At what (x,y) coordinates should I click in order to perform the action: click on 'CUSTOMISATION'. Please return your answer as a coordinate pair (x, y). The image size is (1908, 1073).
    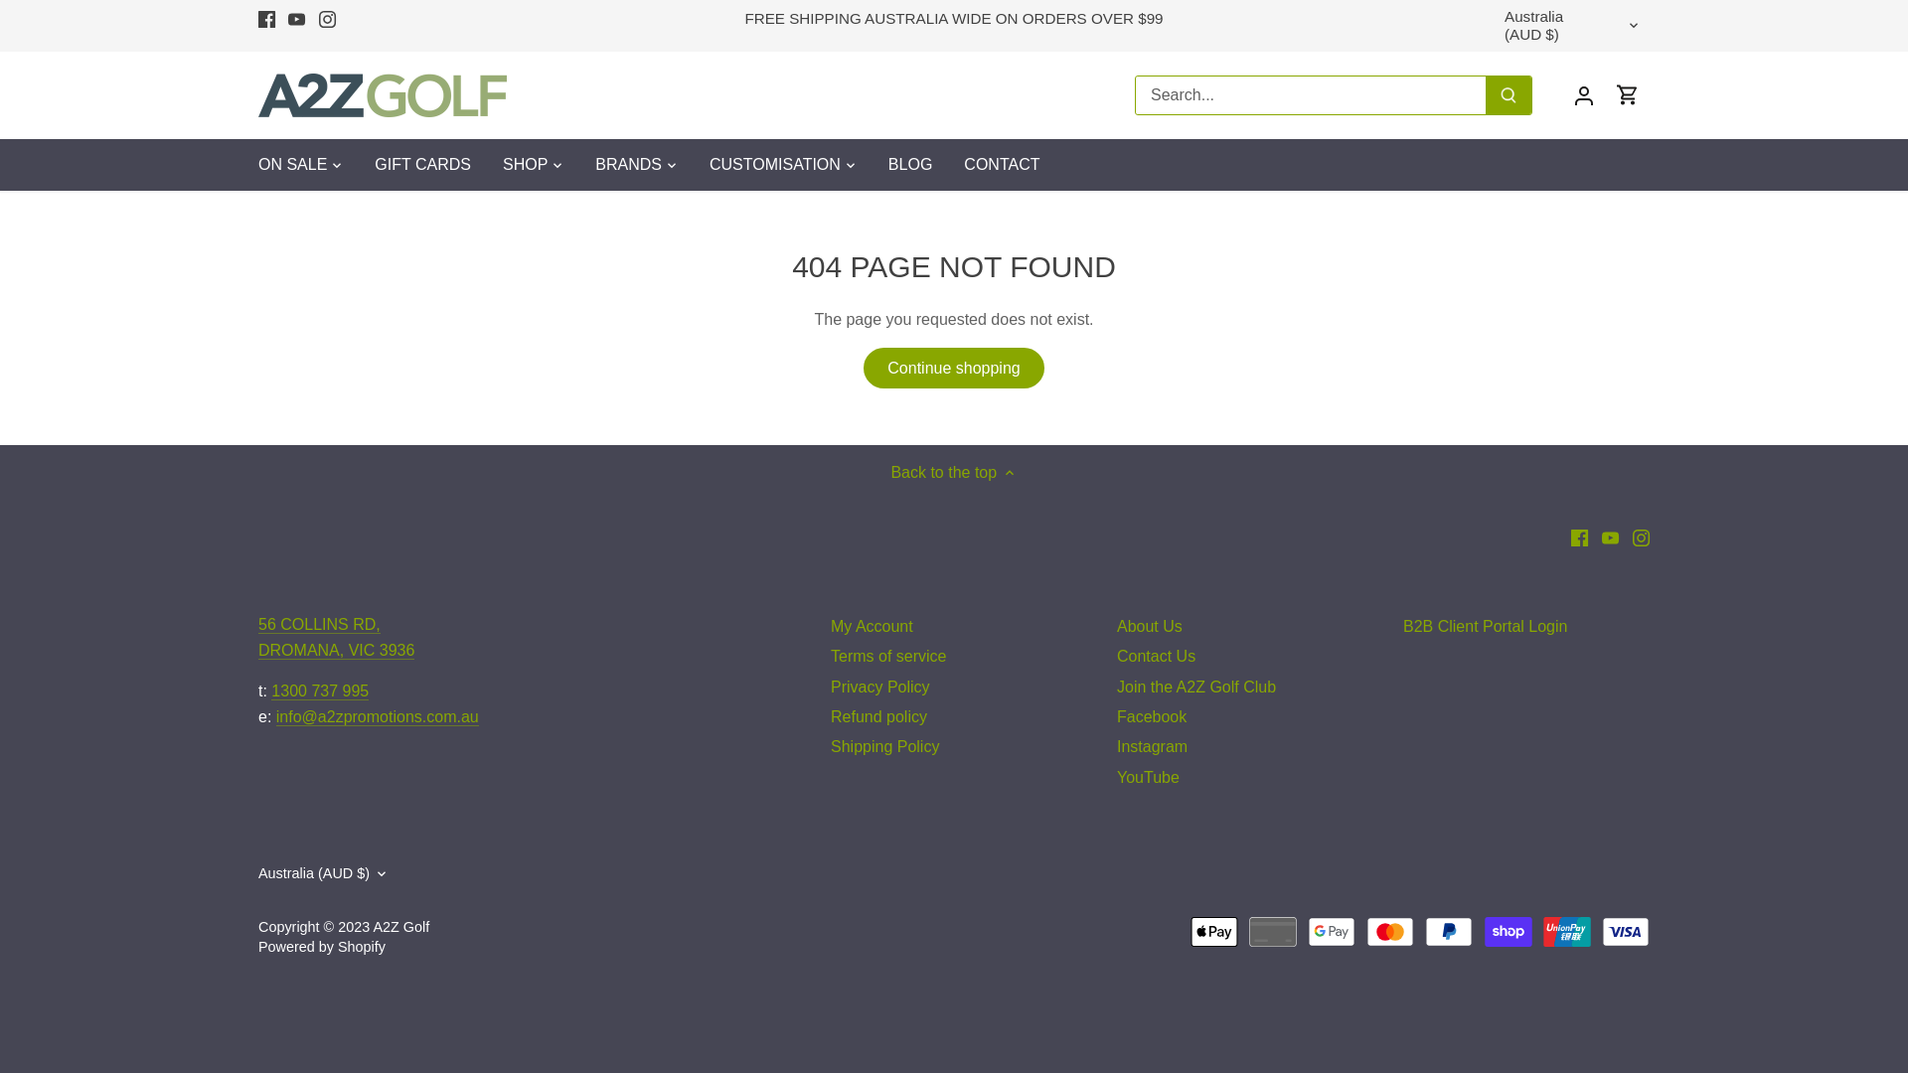
    Looking at the image, I should click on (693, 164).